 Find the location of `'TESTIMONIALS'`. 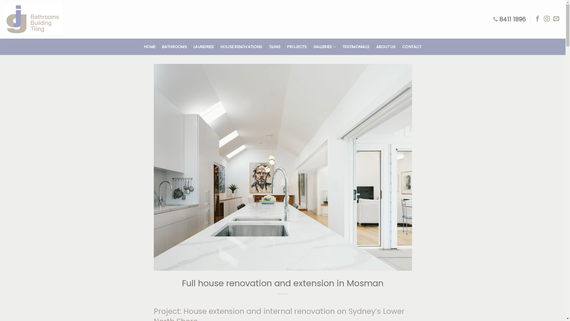

'TESTIMONIALS' is located at coordinates (342, 47).